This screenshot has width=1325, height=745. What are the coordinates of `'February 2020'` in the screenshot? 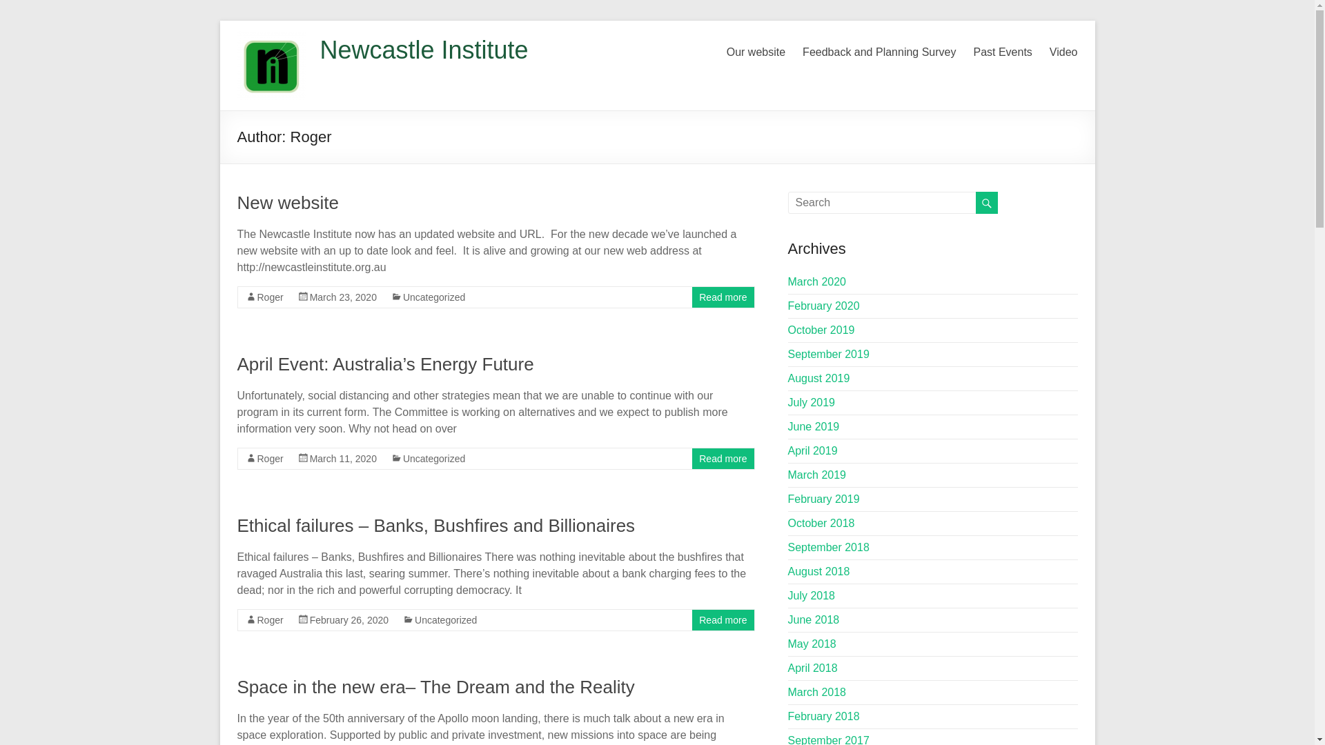 It's located at (824, 305).